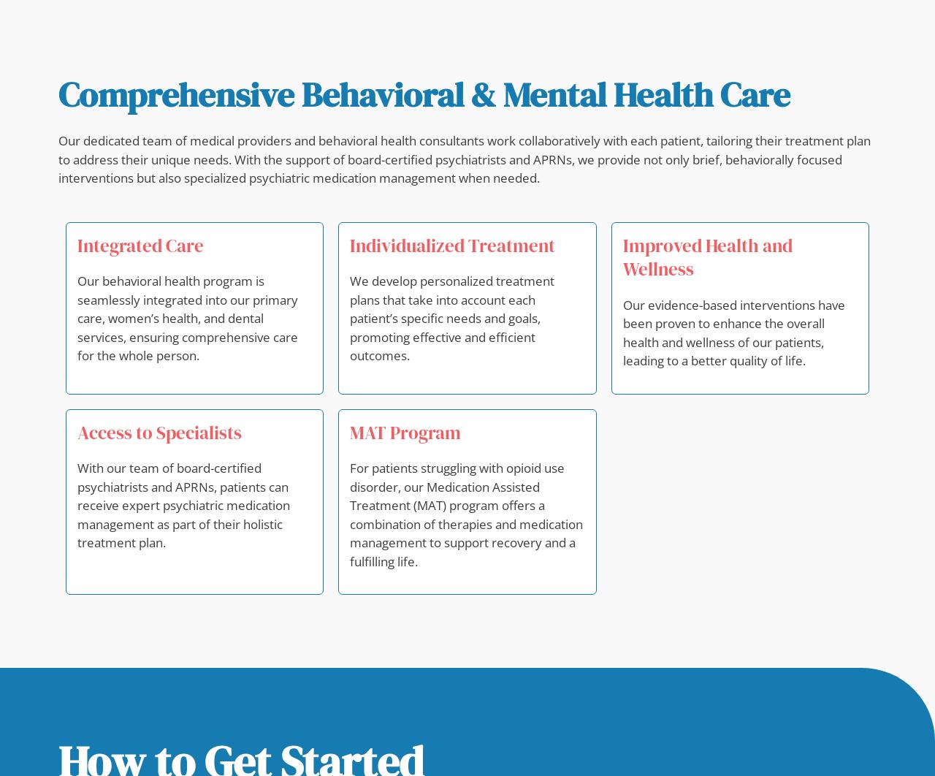 Image resolution: width=935 pixels, height=776 pixels. I want to click on 'MAT Program', so click(405, 432).